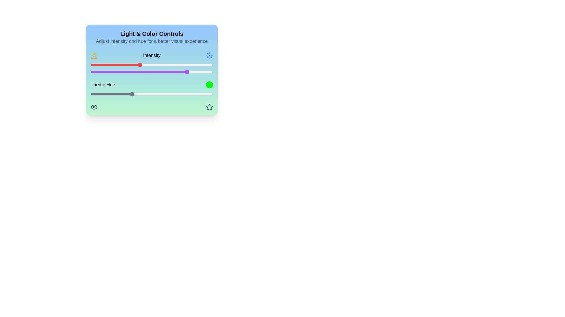 The width and height of the screenshot is (565, 317). What do you see at coordinates (185, 65) in the screenshot?
I see `intensity` at bounding box center [185, 65].